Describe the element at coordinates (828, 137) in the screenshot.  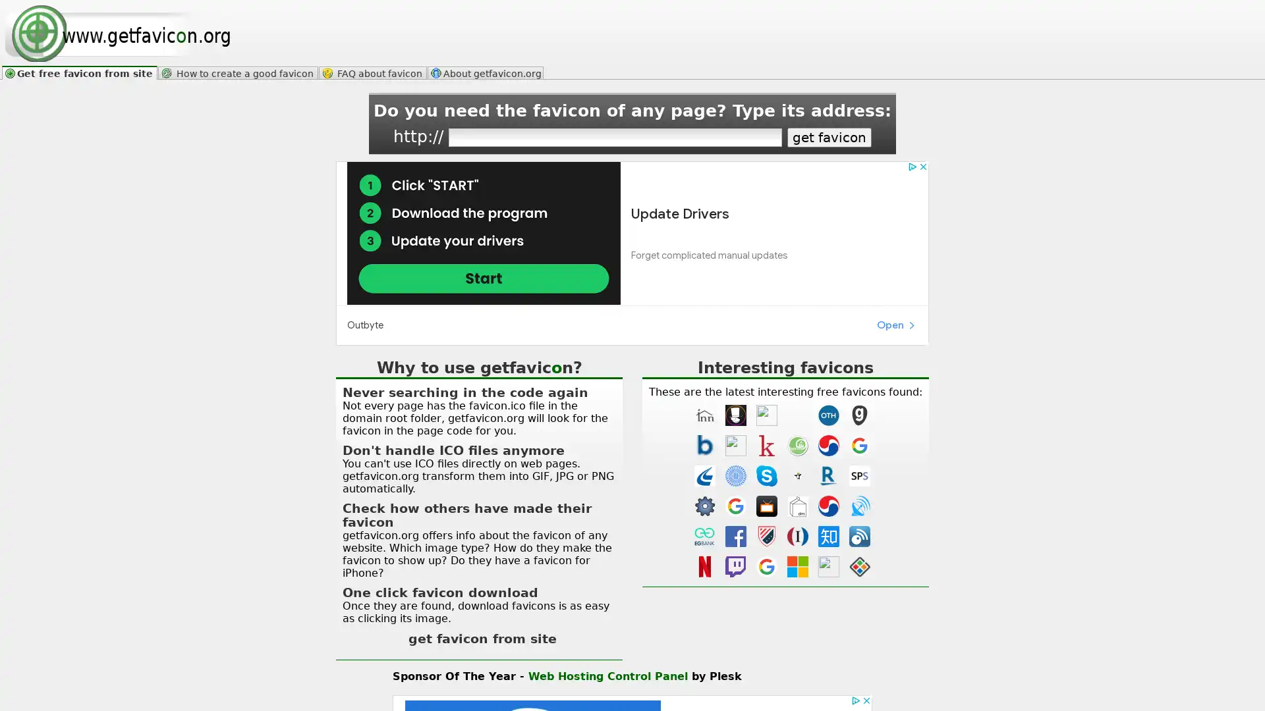
I see `get favicon` at that location.